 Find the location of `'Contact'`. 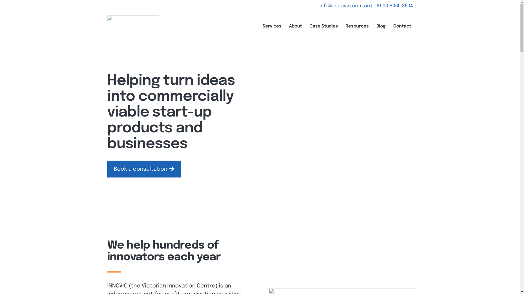

'Contact' is located at coordinates (402, 26).